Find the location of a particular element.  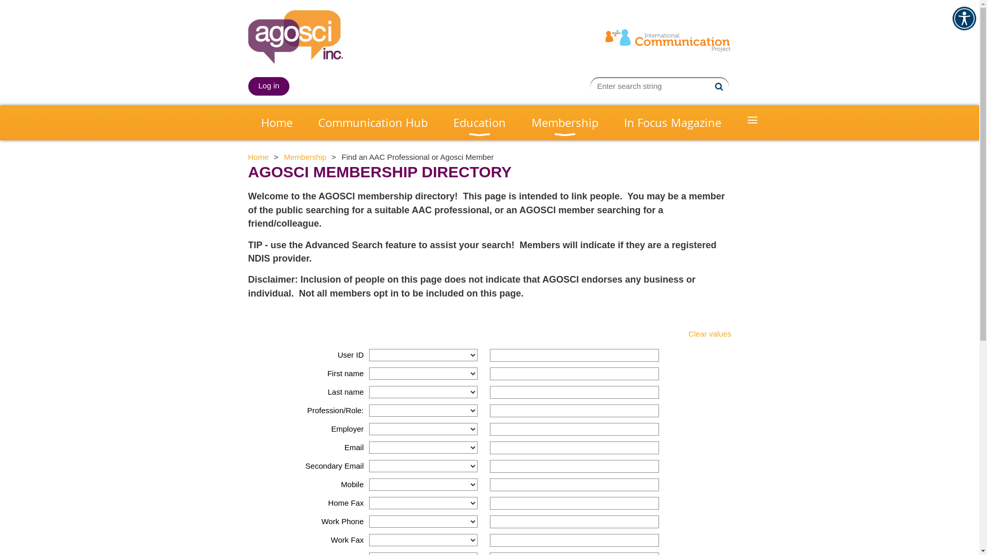

'Clear values' is located at coordinates (688, 334).